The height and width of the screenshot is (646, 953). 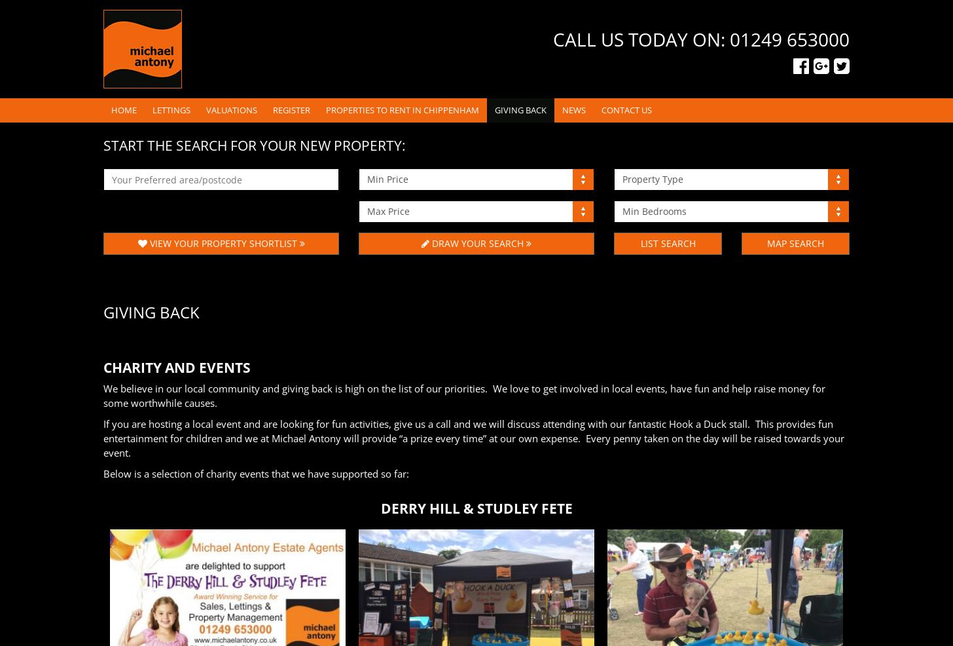 What do you see at coordinates (666, 242) in the screenshot?
I see `'List Search'` at bounding box center [666, 242].